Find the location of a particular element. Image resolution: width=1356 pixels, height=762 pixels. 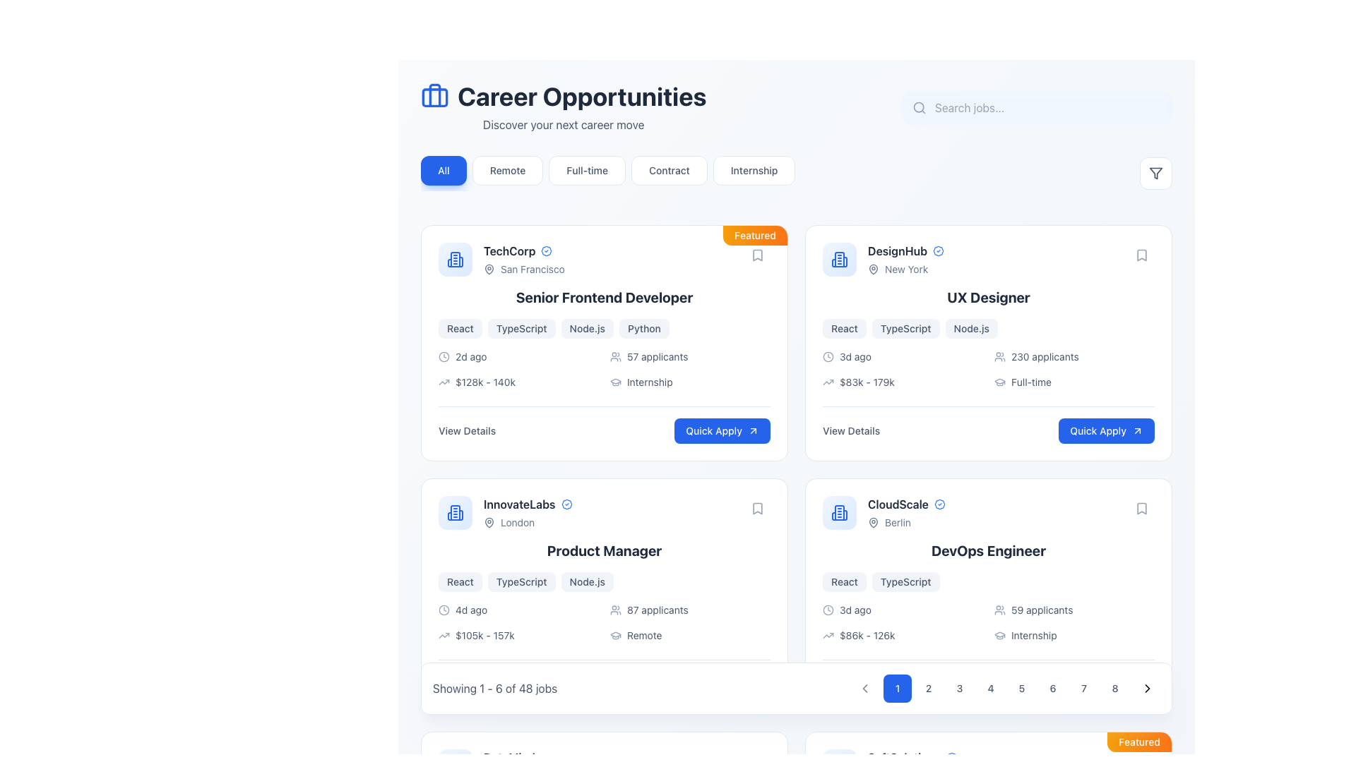

information presented in the fourth section of the grid layout under the 'CloudScale' job listing, specifically the details provided for the 'DevOps Engineer' position is located at coordinates (988, 622).